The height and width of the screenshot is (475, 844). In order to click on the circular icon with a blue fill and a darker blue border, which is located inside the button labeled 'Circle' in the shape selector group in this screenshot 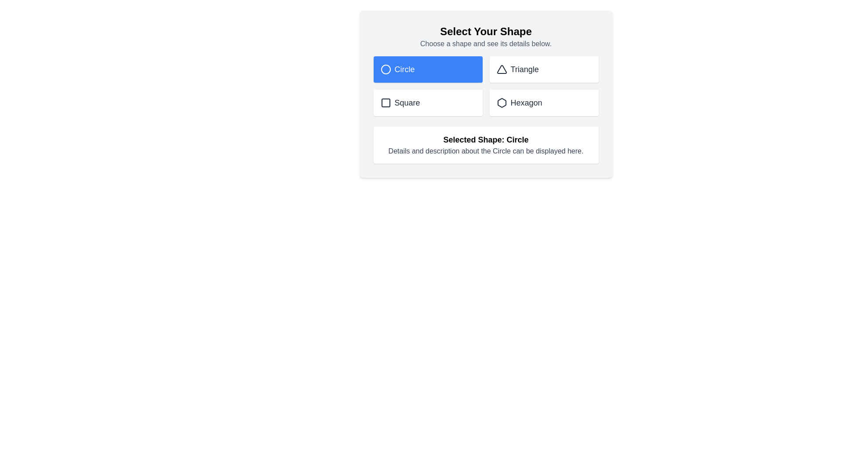, I will do `click(386, 69)`.